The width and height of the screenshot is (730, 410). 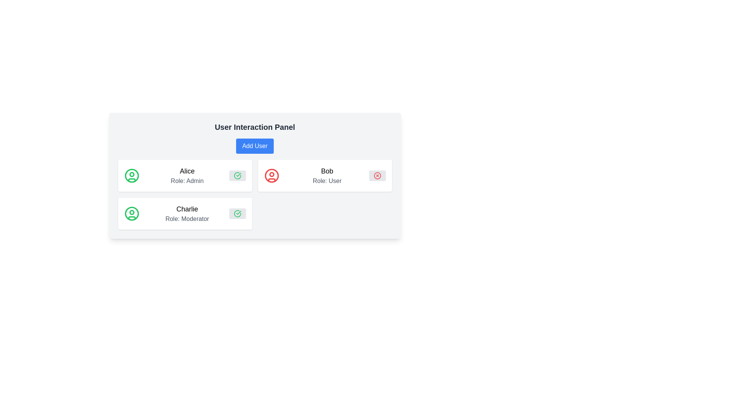 I want to click on the profile icon representing 'Charlie', the Moderator, located in the User Interaction Panel as the leftmost component of the last user card, so click(x=132, y=214).